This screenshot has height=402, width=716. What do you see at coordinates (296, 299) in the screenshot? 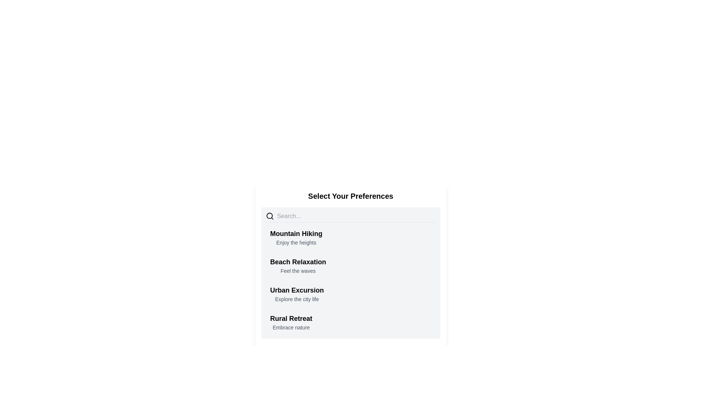
I see `the descriptive subtitle for the 'Urban Excursion' option, which provides additional context and is located directly beneath the title` at bounding box center [296, 299].